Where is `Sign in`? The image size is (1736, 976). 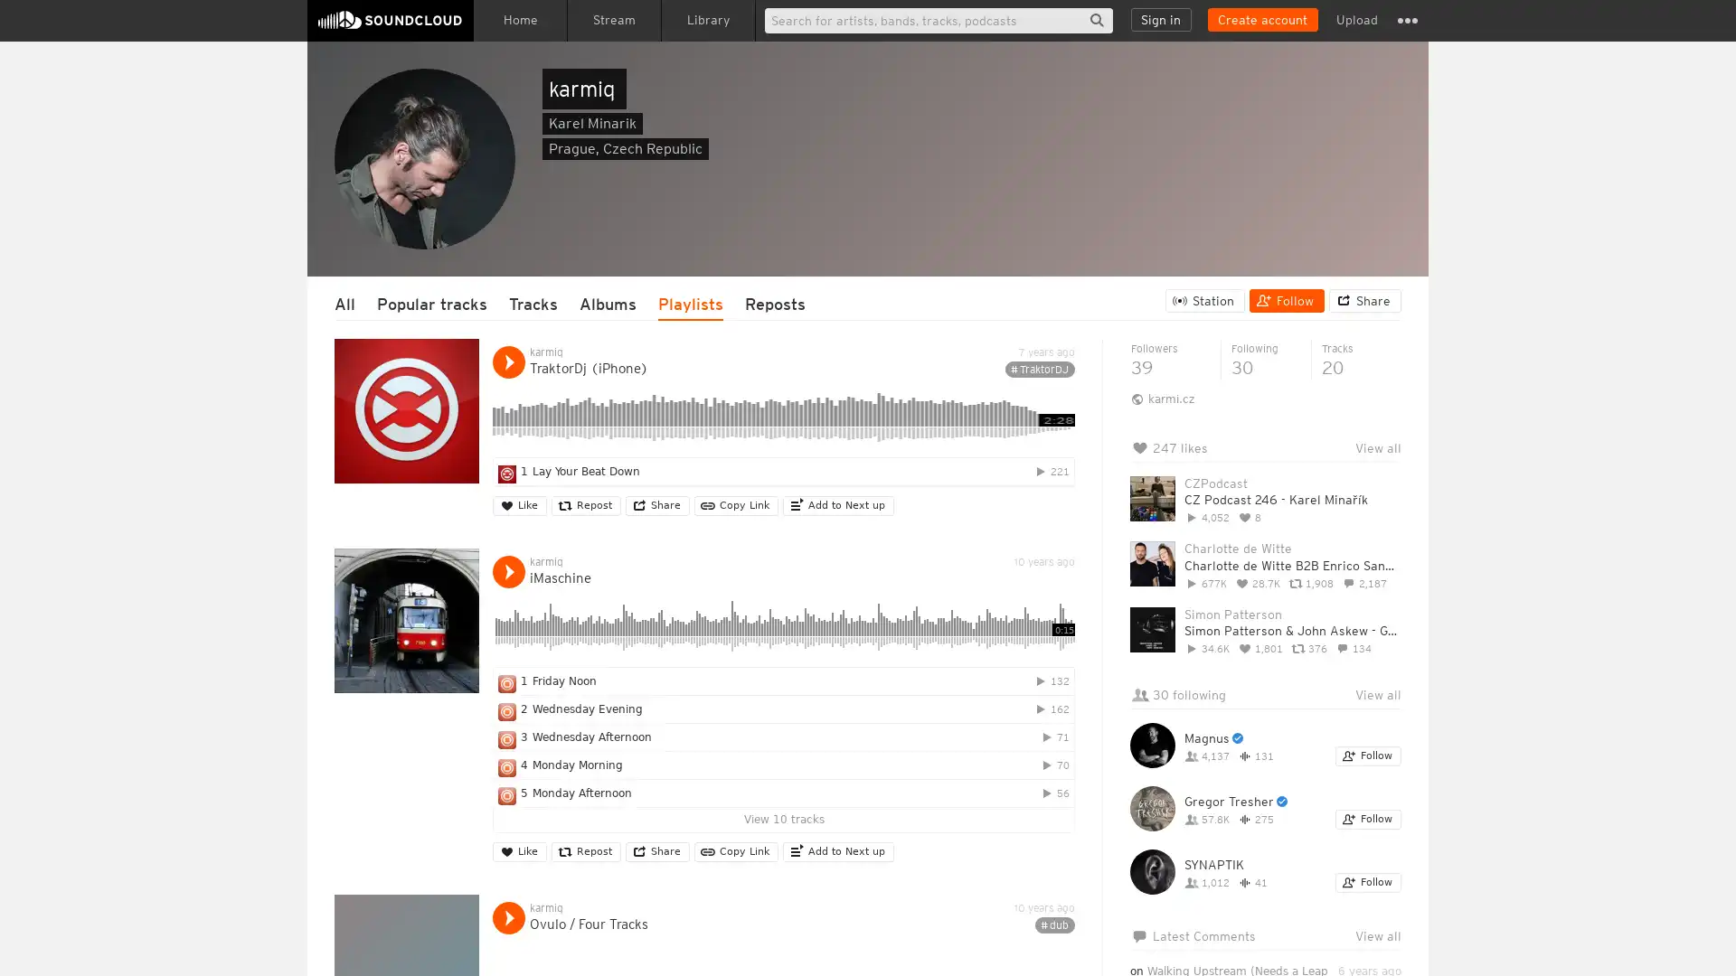 Sign in is located at coordinates (1161, 20).